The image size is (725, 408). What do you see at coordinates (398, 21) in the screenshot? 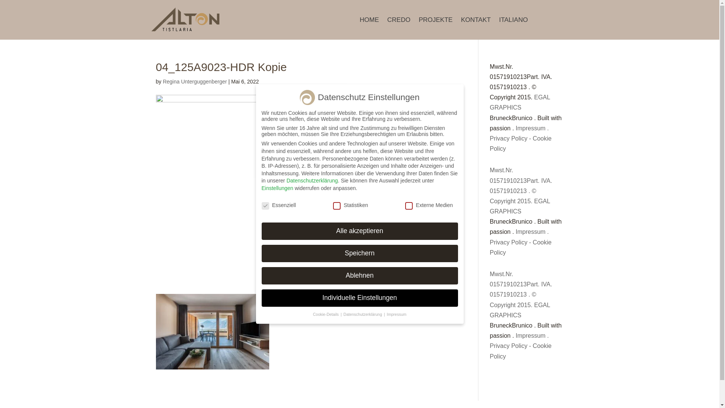
I see `'CREDO'` at bounding box center [398, 21].